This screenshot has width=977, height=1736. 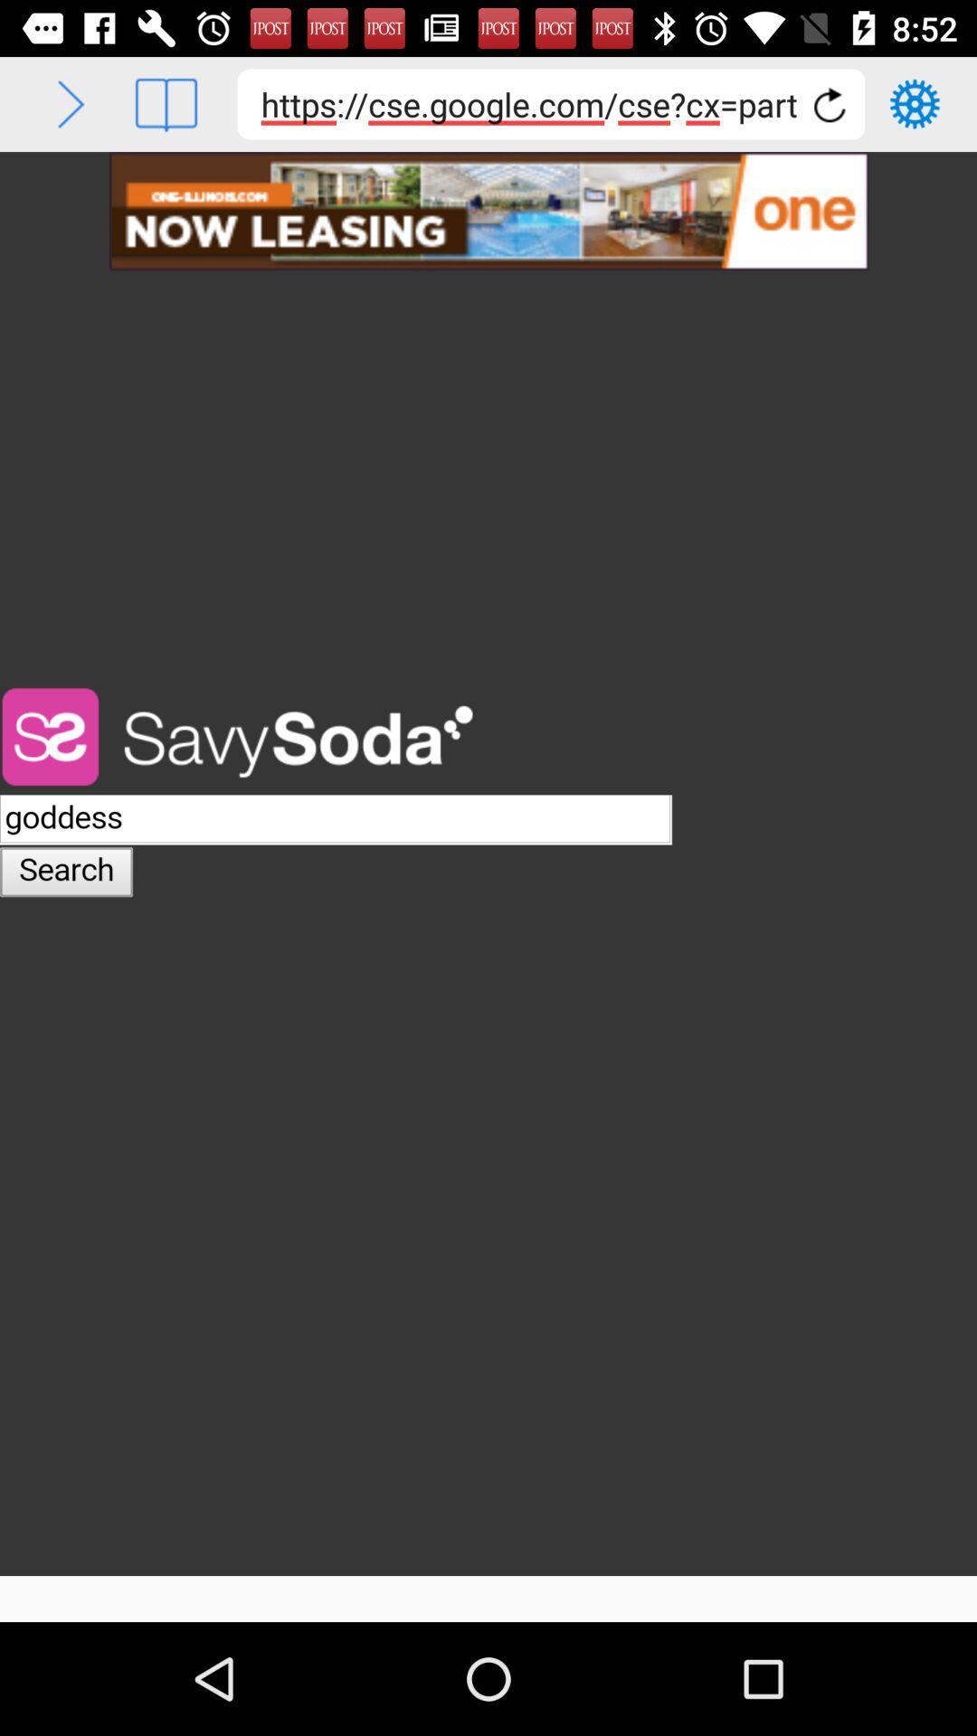 I want to click on next, so click(x=70, y=103).